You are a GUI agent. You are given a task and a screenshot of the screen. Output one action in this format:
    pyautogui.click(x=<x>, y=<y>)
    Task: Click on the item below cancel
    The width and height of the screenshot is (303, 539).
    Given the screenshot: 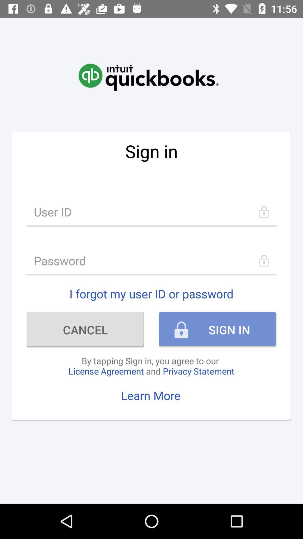 What is the action you would take?
    pyautogui.click(x=151, y=366)
    